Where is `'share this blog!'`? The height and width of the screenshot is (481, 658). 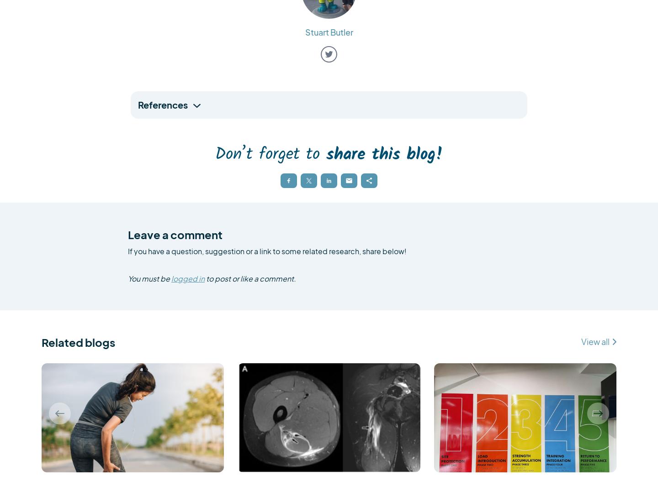 'share this blog!' is located at coordinates (384, 154).